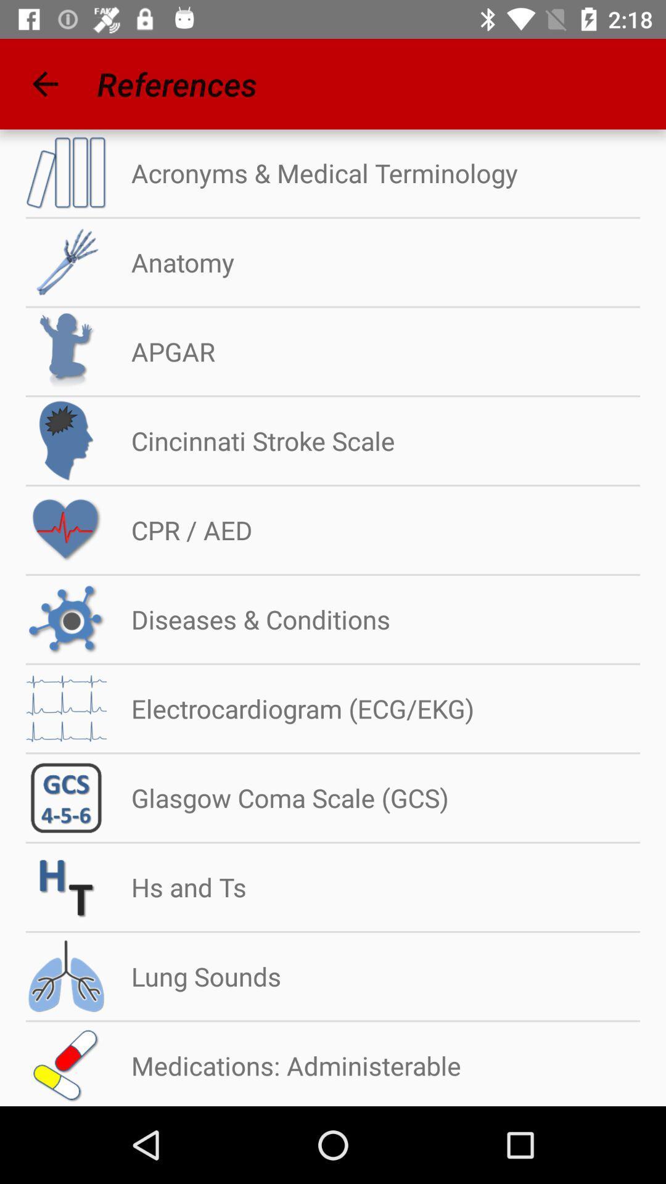 The image size is (666, 1184). I want to click on icon to the left of the references icon, so click(44, 83).